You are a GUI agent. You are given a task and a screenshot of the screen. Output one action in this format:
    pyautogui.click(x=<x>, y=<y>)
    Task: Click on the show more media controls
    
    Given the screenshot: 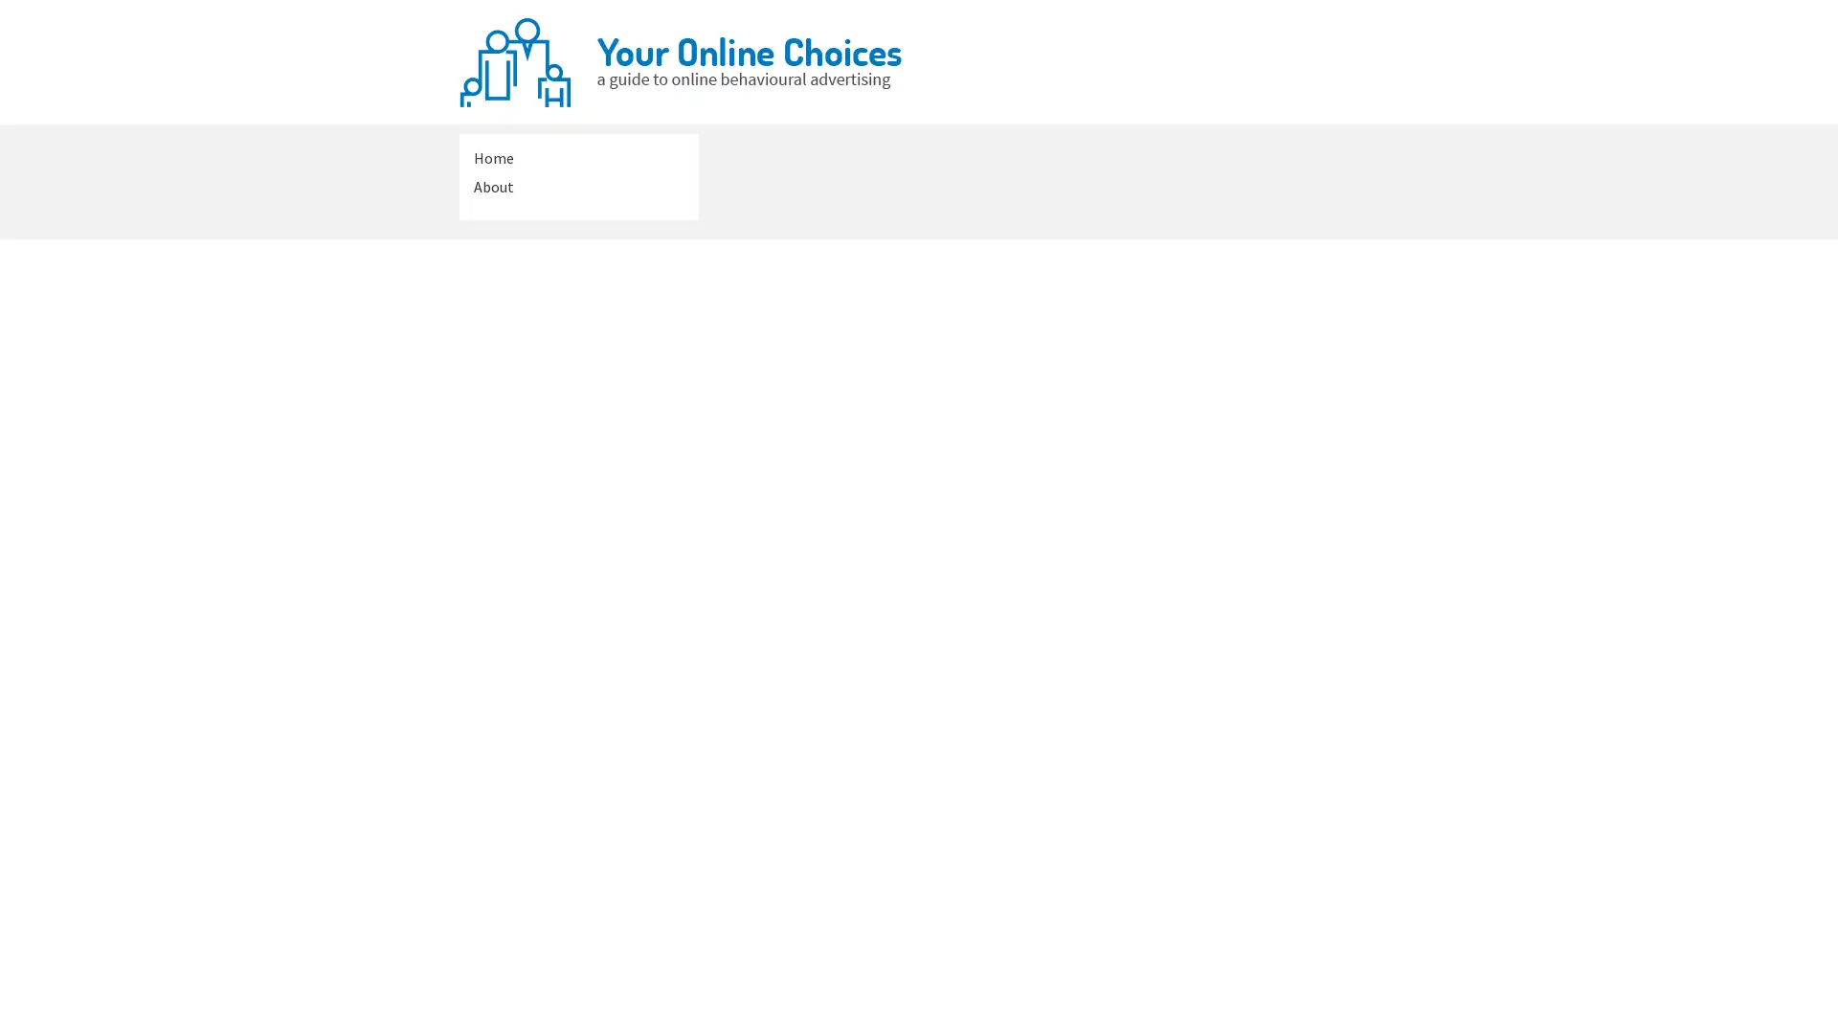 What is the action you would take?
    pyautogui.click(x=1300, y=875)
    